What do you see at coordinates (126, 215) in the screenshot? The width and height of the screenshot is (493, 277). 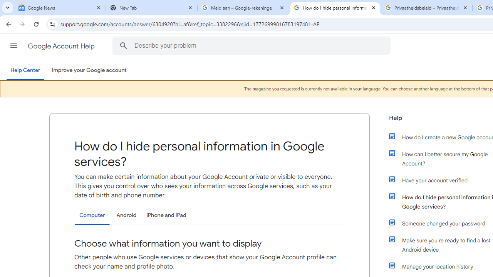 I see `'Android'` at bounding box center [126, 215].